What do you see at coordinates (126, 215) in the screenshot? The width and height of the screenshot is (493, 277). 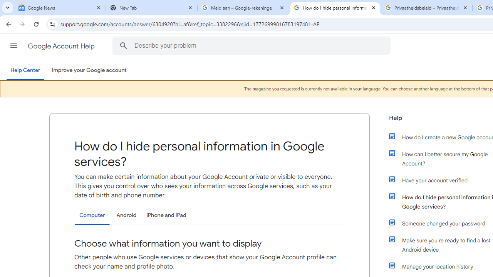 I see `'Android'` at bounding box center [126, 215].